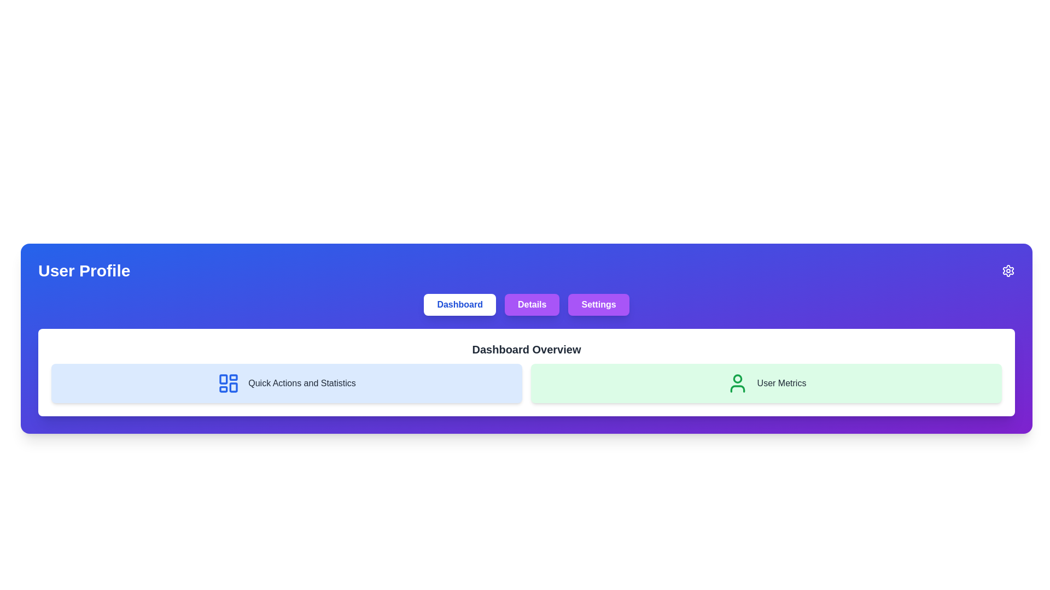 The width and height of the screenshot is (1050, 590). I want to click on the dashboard layout icon, which consists of four squares in a grid pattern and is located to the left of the 'Quick Actions and Statistics' text, so click(228, 383).